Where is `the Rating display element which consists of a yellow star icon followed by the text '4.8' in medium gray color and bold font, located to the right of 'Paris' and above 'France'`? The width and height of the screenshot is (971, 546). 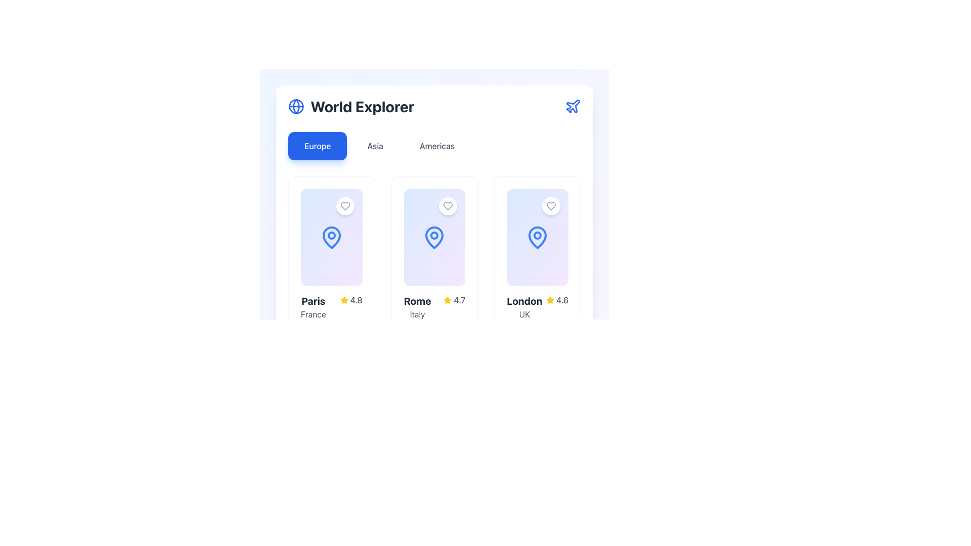 the Rating display element which consists of a yellow star icon followed by the text '4.8' in medium gray color and bold font, located to the right of 'Paris' and above 'France' is located at coordinates (351, 300).